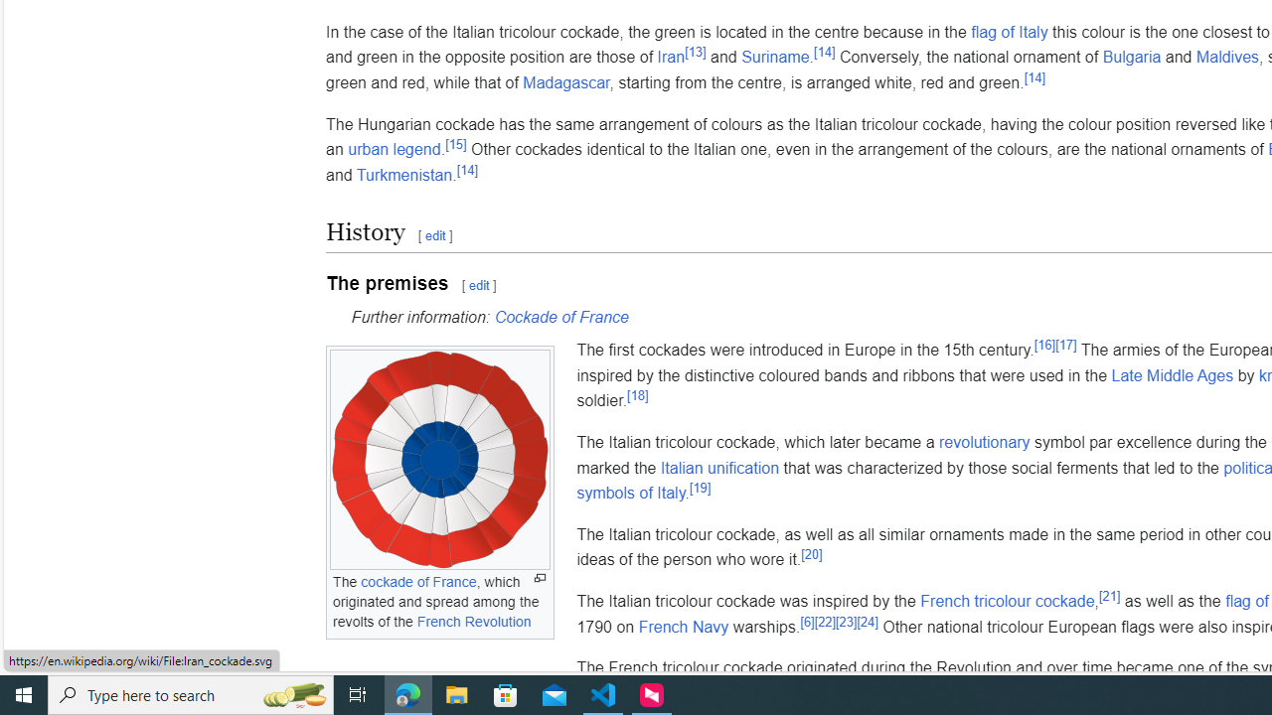 This screenshot has width=1272, height=715. What do you see at coordinates (438, 460) in the screenshot?
I see `'Class: mw-file-description'` at bounding box center [438, 460].